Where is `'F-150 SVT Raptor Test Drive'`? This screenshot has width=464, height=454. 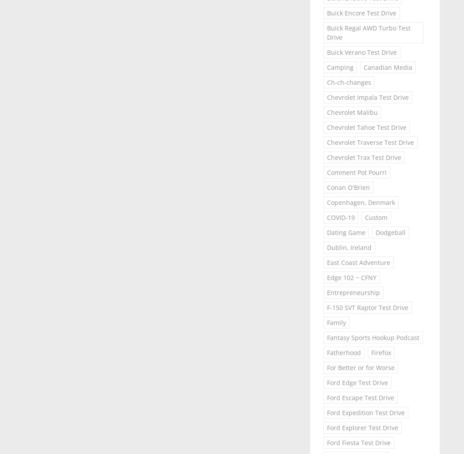 'F-150 SVT Raptor Test Drive' is located at coordinates (367, 307).